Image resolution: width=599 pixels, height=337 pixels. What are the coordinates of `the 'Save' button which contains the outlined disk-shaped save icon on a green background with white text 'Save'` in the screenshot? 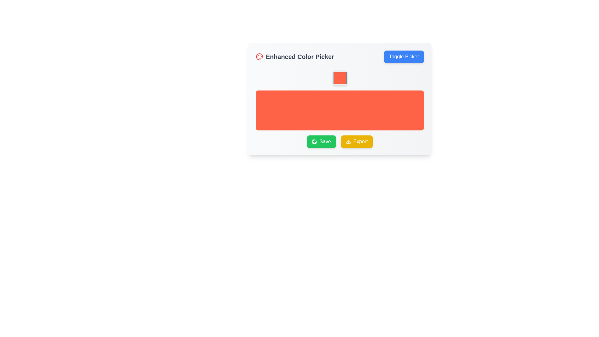 It's located at (314, 142).